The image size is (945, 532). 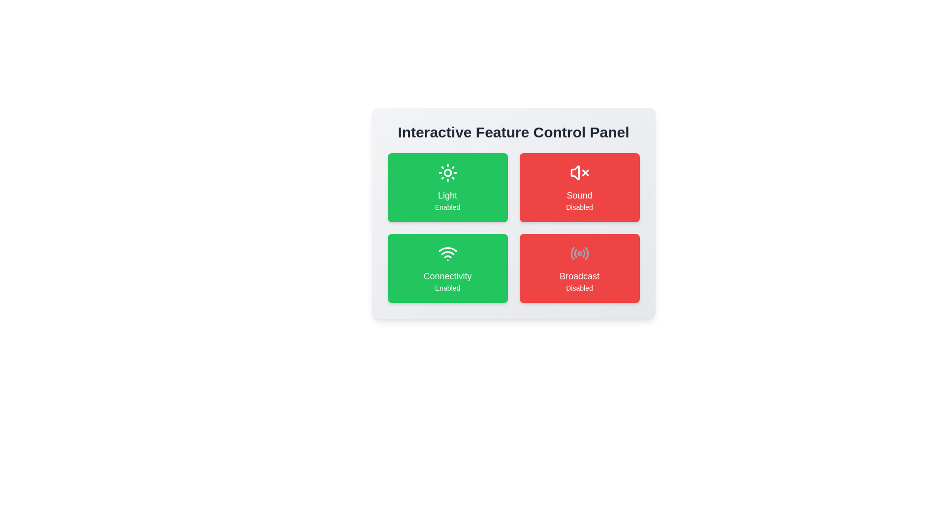 I want to click on the feature card for Sound to observe the hover effect, so click(x=579, y=188).